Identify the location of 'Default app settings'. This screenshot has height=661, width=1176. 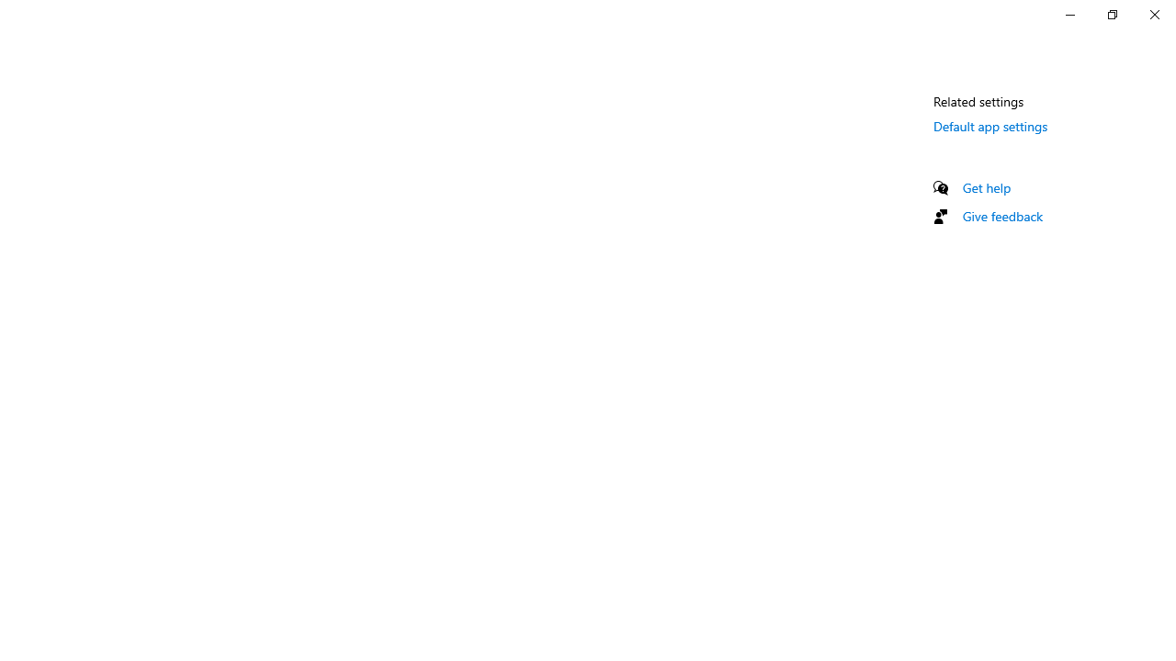
(989, 125).